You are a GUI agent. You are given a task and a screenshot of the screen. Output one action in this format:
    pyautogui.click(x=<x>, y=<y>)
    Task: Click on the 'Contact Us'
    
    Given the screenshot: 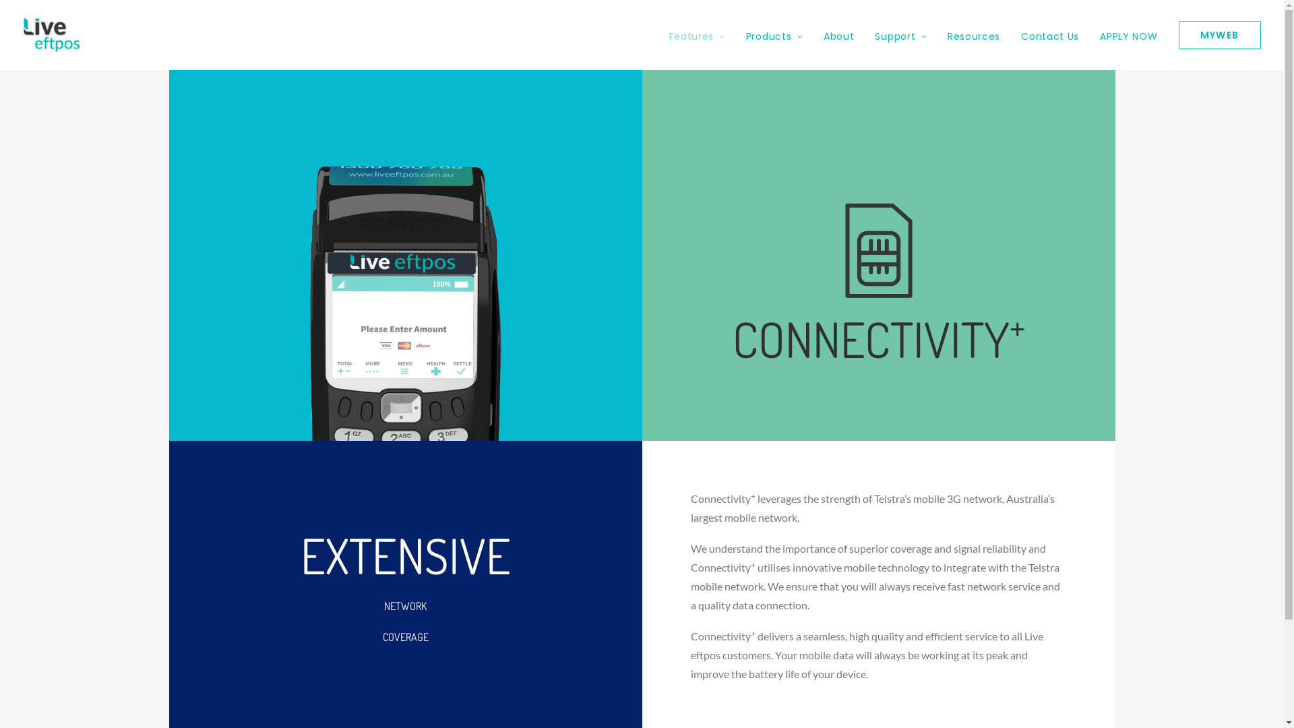 What is the action you would take?
    pyautogui.click(x=1049, y=34)
    